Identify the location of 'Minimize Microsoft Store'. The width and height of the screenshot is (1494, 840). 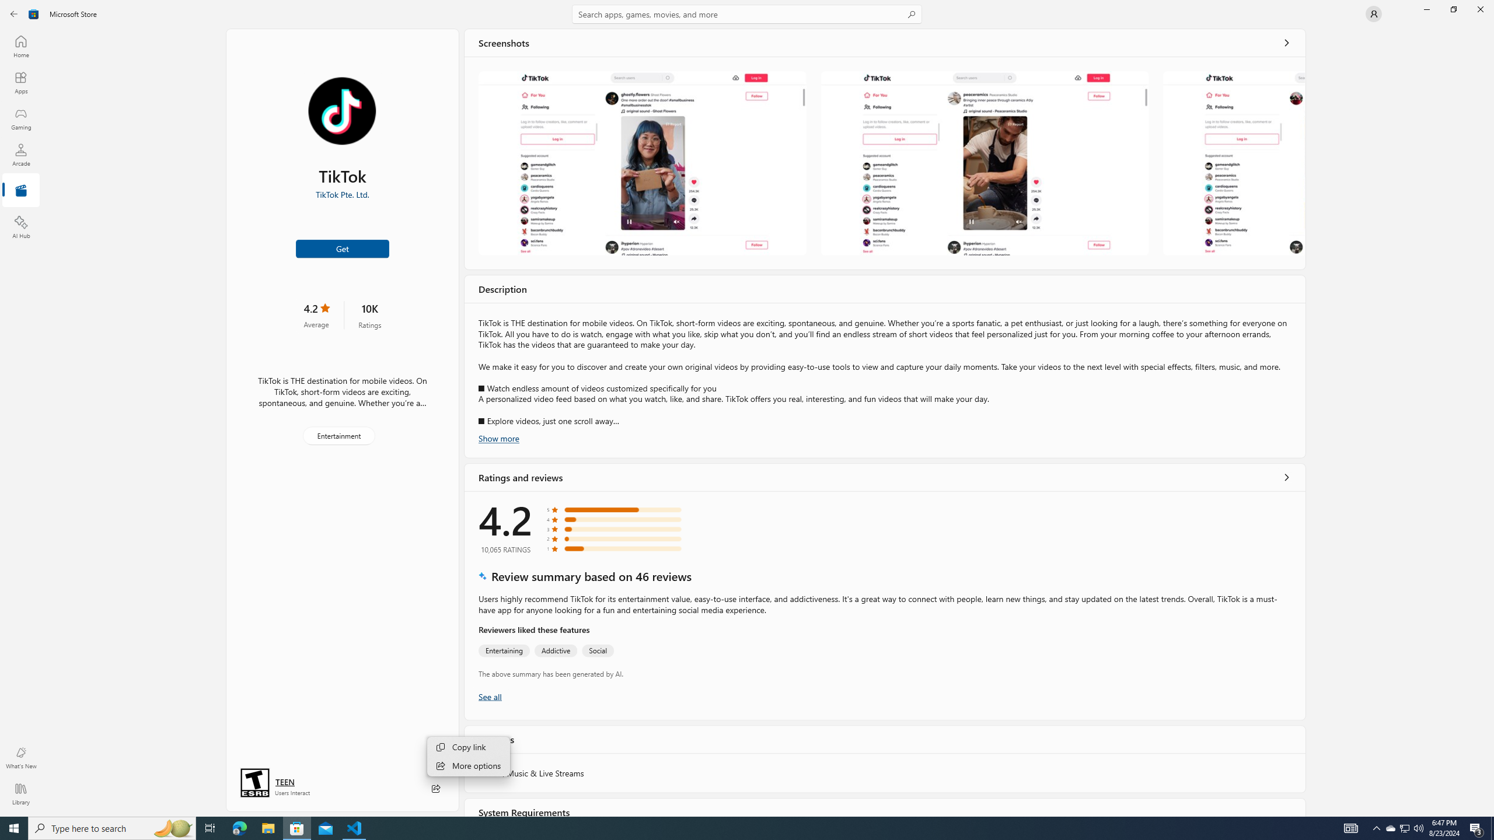
(1426, 9).